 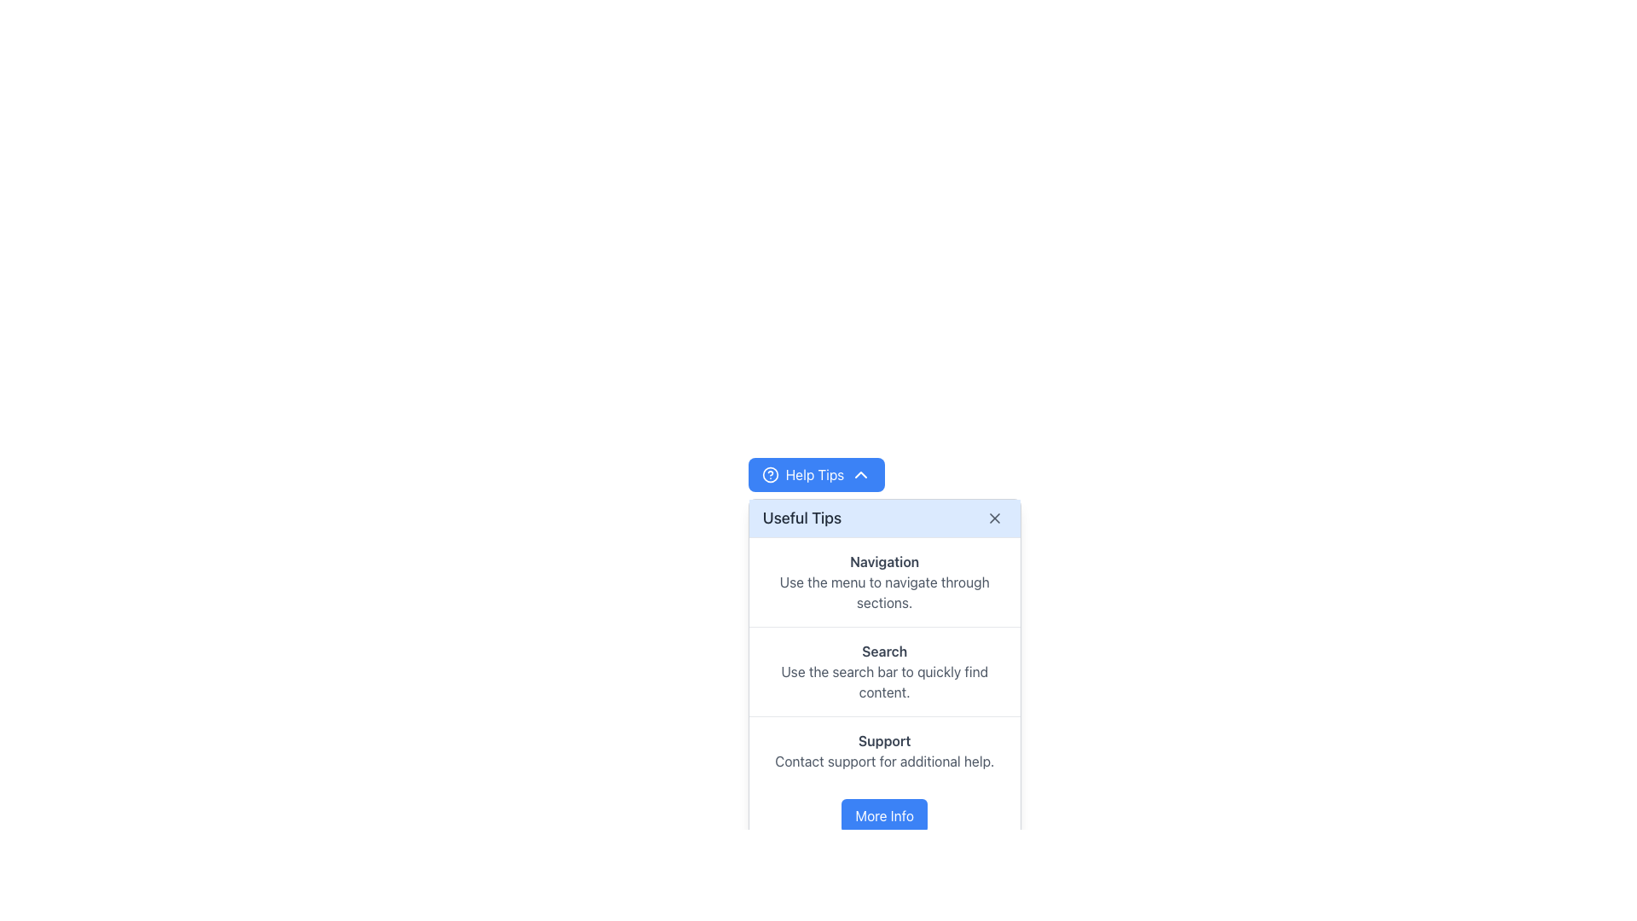 I want to click on the 'More Info' button with a blue background and white text located at the bottom section of the 'Useful Tips' panel to invoke an action or navigate to another page, so click(x=883, y=814).